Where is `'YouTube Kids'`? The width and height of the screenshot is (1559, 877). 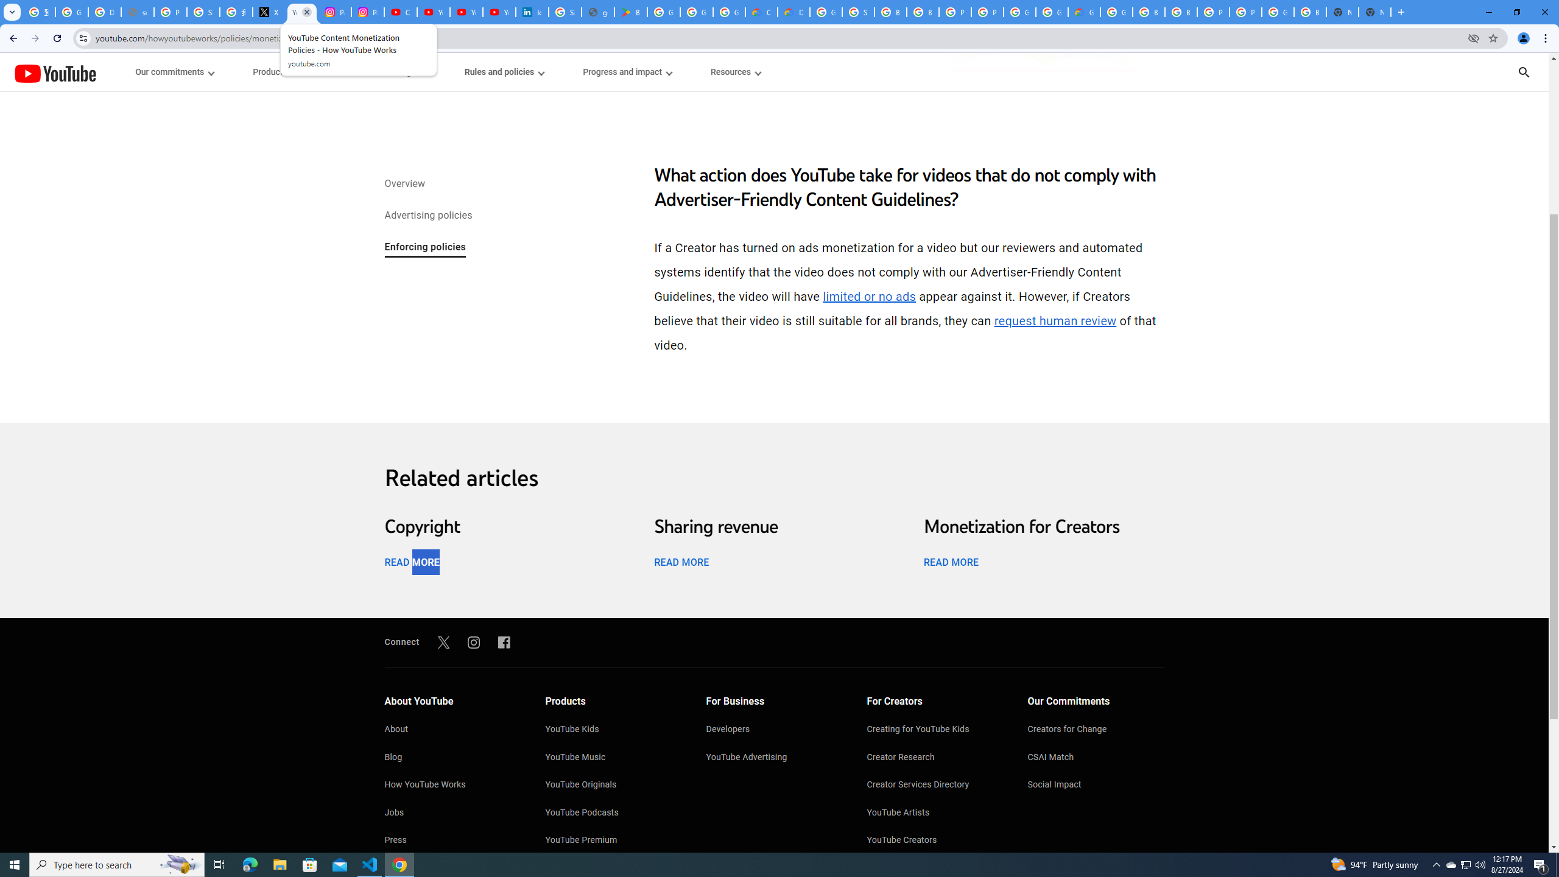 'YouTube Kids' is located at coordinates (613, 730).